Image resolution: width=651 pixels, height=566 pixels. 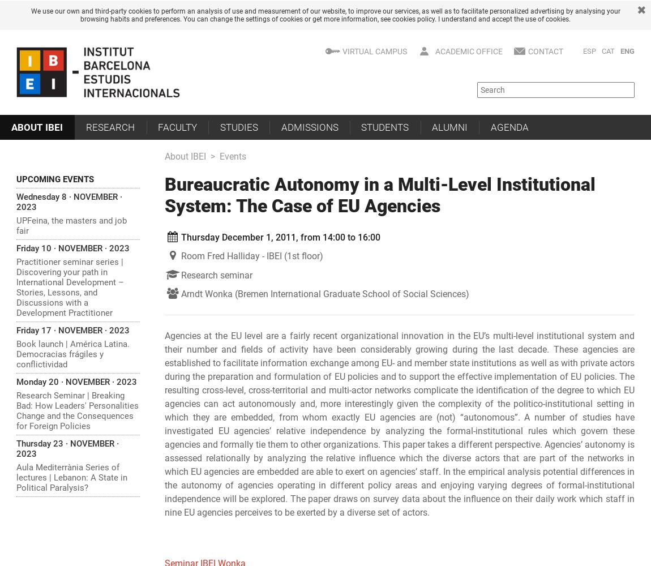 I want to click on 'Practitioner seminar series | Discovering your path in International Development – Stories, Lessons, and Discussions with a Development Practitioner', so click(x=69, y=287).